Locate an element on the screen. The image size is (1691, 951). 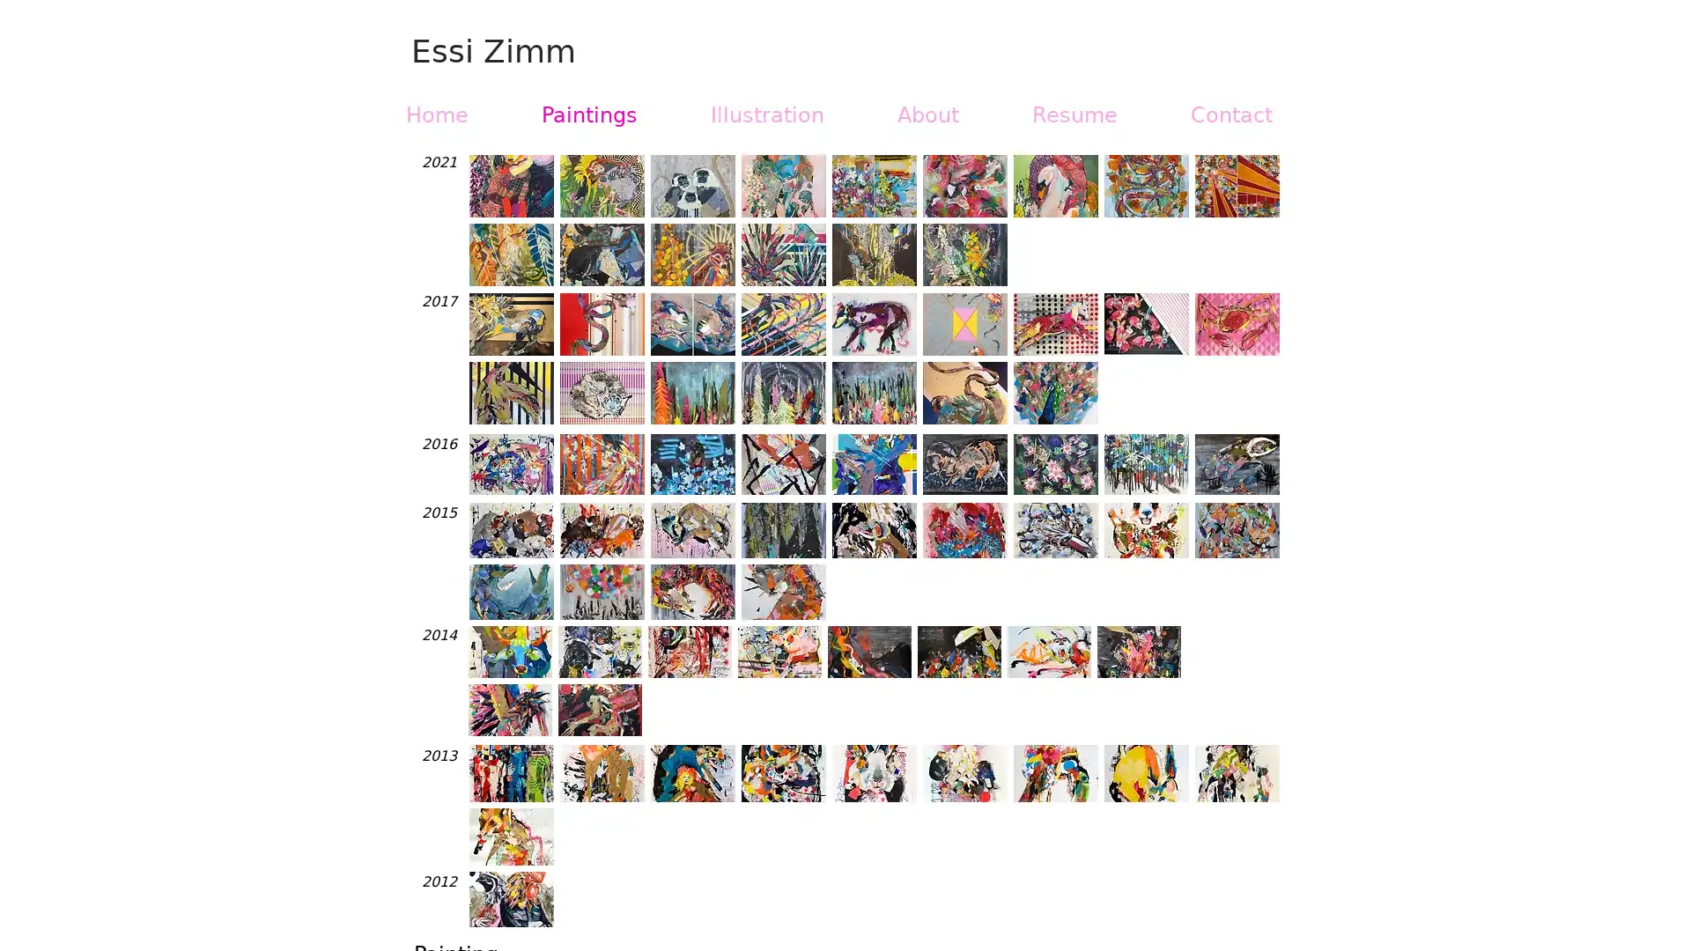
previous is located at coordinates (506, 820).